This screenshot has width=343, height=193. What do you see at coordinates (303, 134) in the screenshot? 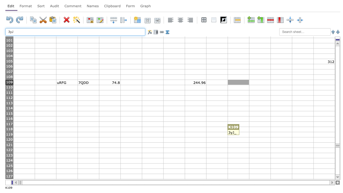
I see `Col: N, Row: 119` at bounding box center [303, 134].